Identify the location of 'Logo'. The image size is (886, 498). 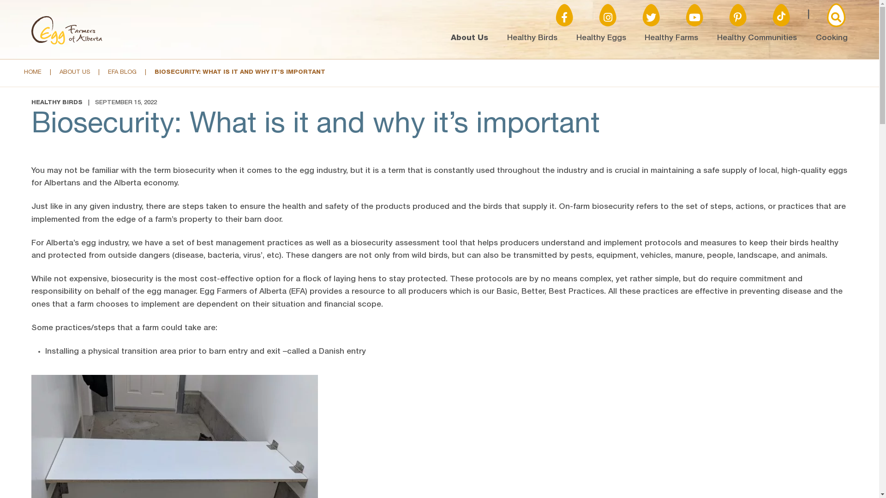
(66, 43).